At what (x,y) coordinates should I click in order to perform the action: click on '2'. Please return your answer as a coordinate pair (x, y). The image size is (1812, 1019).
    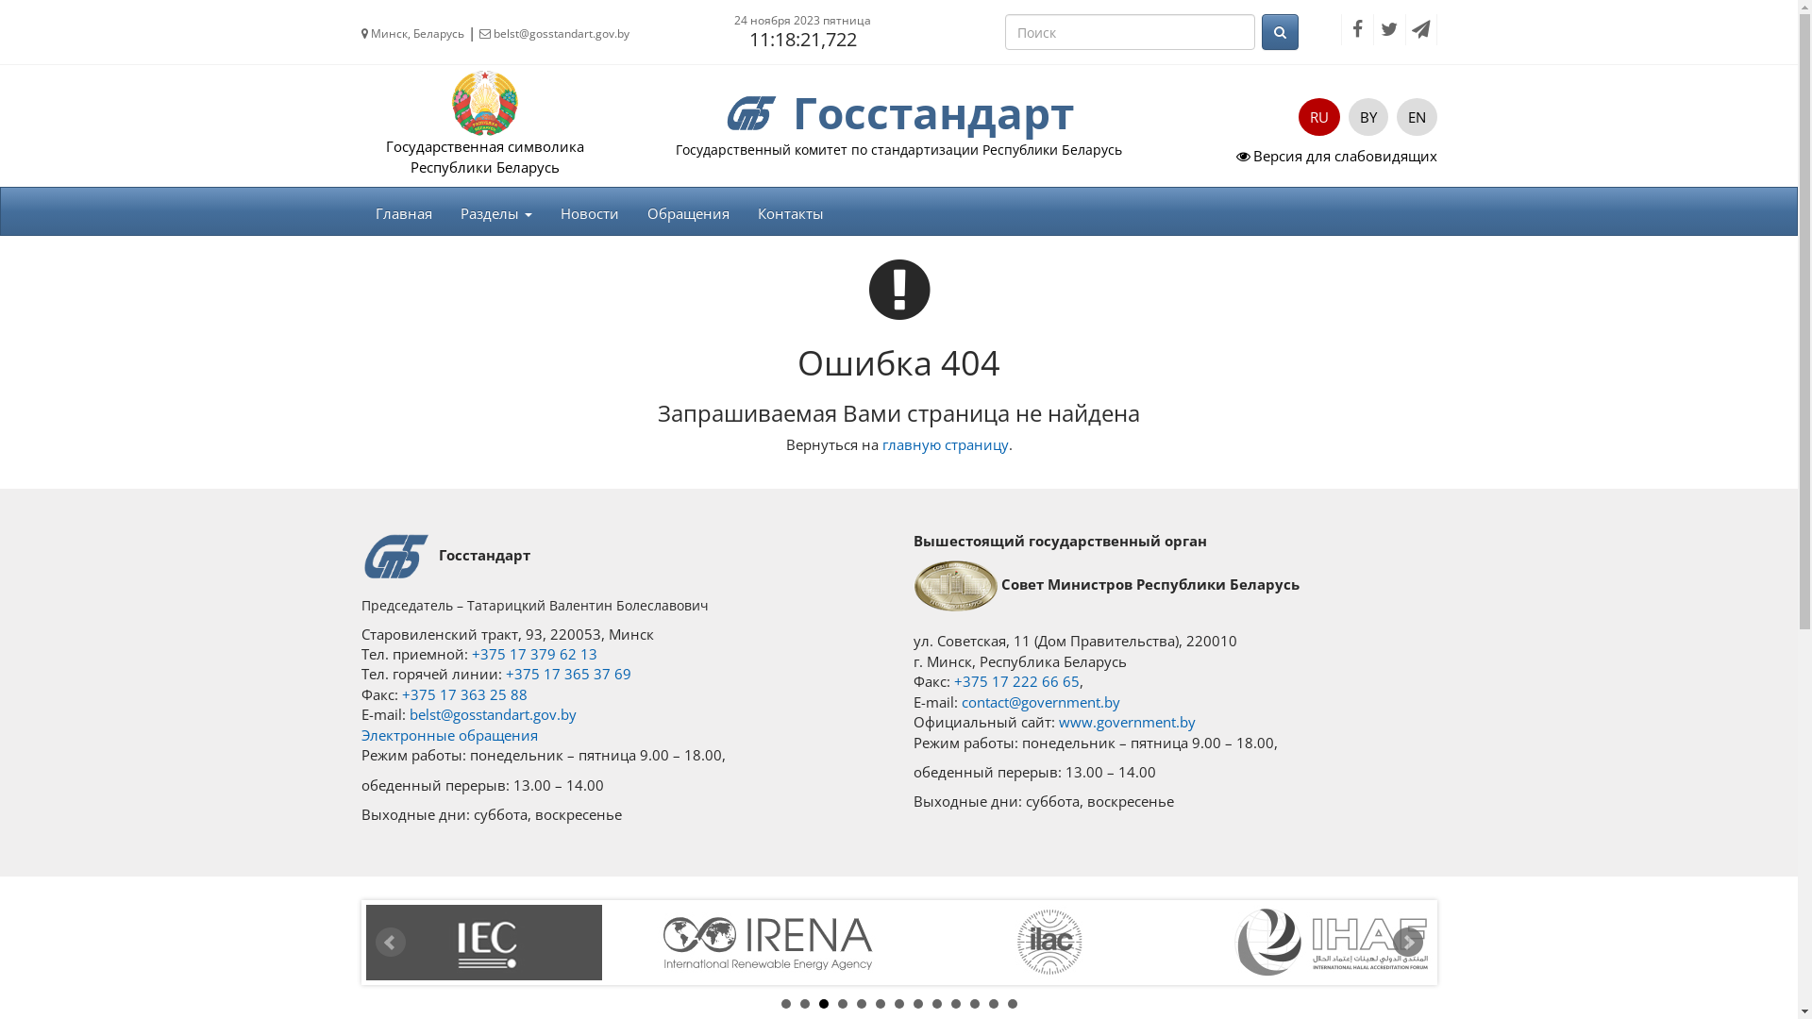
    Looking at the image, I should click on (805, 1003).